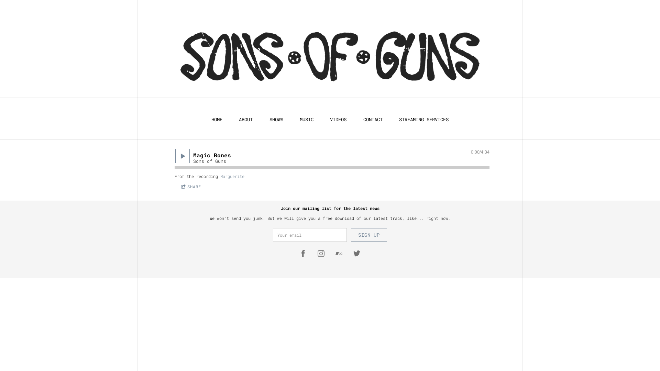 The image size is (660, 371). I want to click on 'https://instagram.com/sonsofgunsmusic', so click(321, 253).